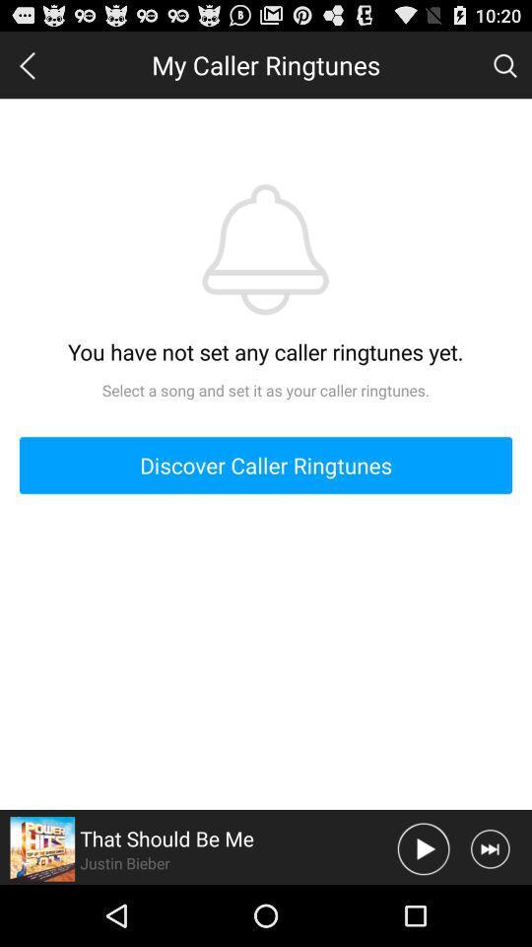 This screenshot has width=532, height=947. I want to click on search, so click(504, 64).